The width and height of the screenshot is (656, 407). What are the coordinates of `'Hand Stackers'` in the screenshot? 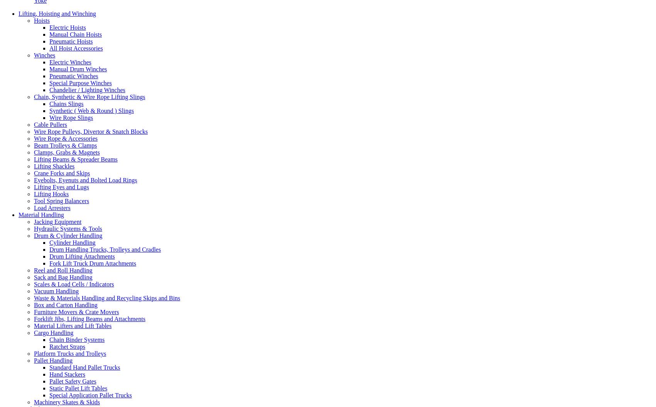 It's located at (67, 374).